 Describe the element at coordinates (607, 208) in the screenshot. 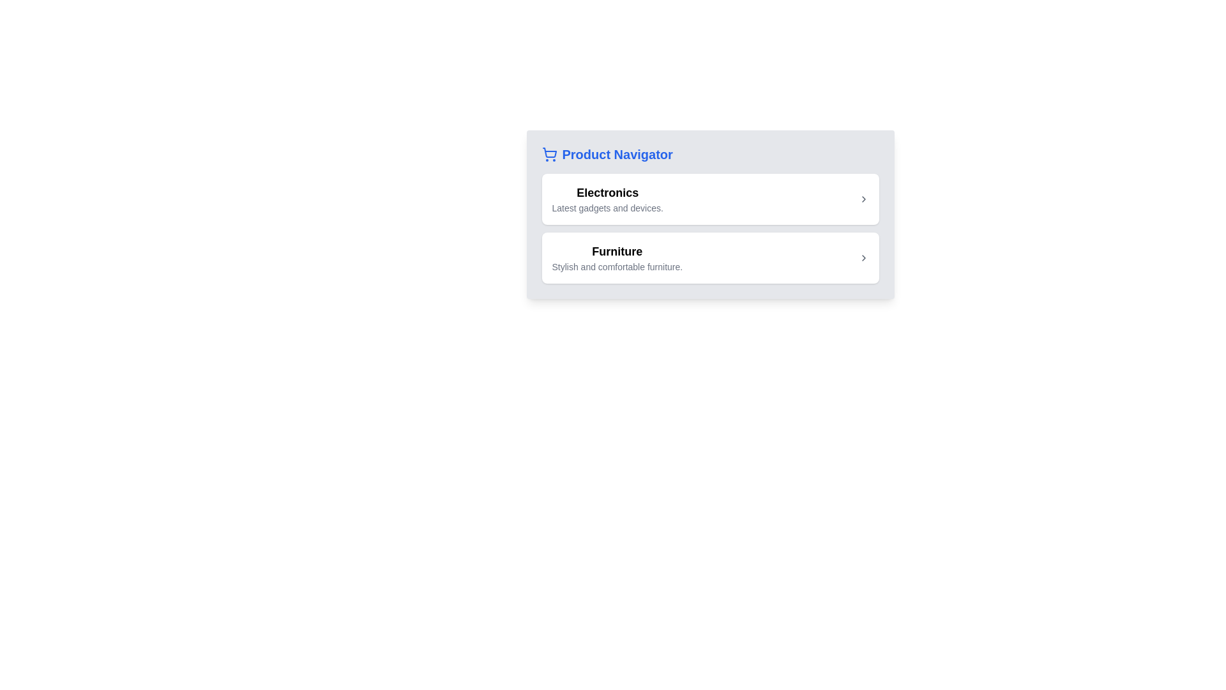

I see `the descriptive text element displaying 'Latest gadgets and devices.' located beneath the 'Electronics' title in the 'Product Navigator' interface` at that location.